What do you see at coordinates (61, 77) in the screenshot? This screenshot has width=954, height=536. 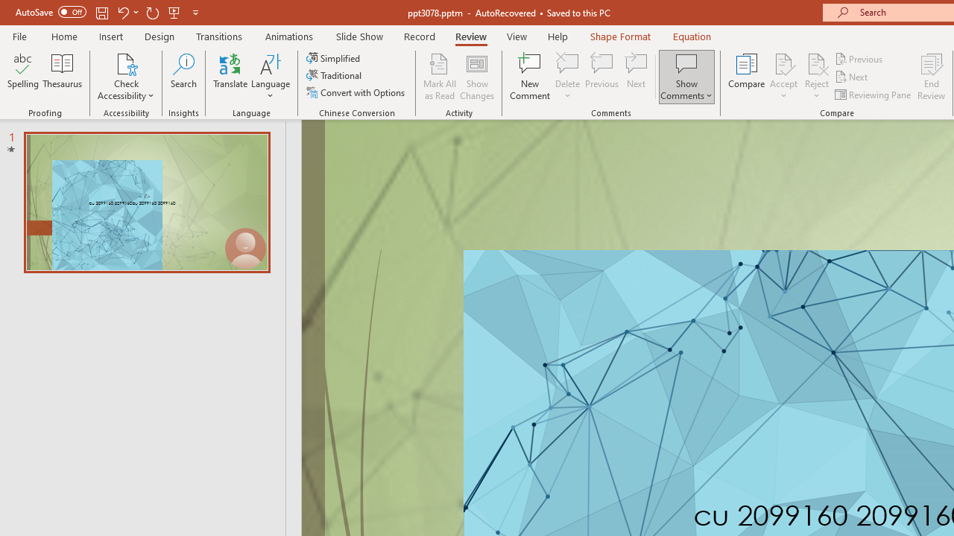 I see `'Thesaurus...'` at bounding box center [61, 77].